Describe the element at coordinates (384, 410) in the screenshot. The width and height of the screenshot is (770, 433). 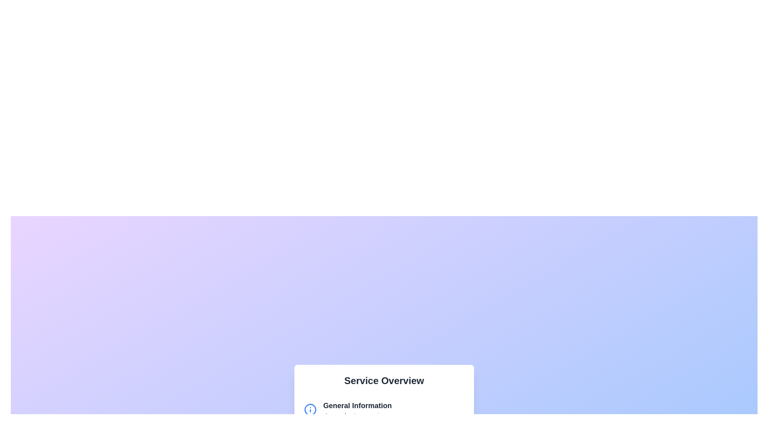
I see `the Informational display section located in the 'Service Overview' area for more details` at that location.